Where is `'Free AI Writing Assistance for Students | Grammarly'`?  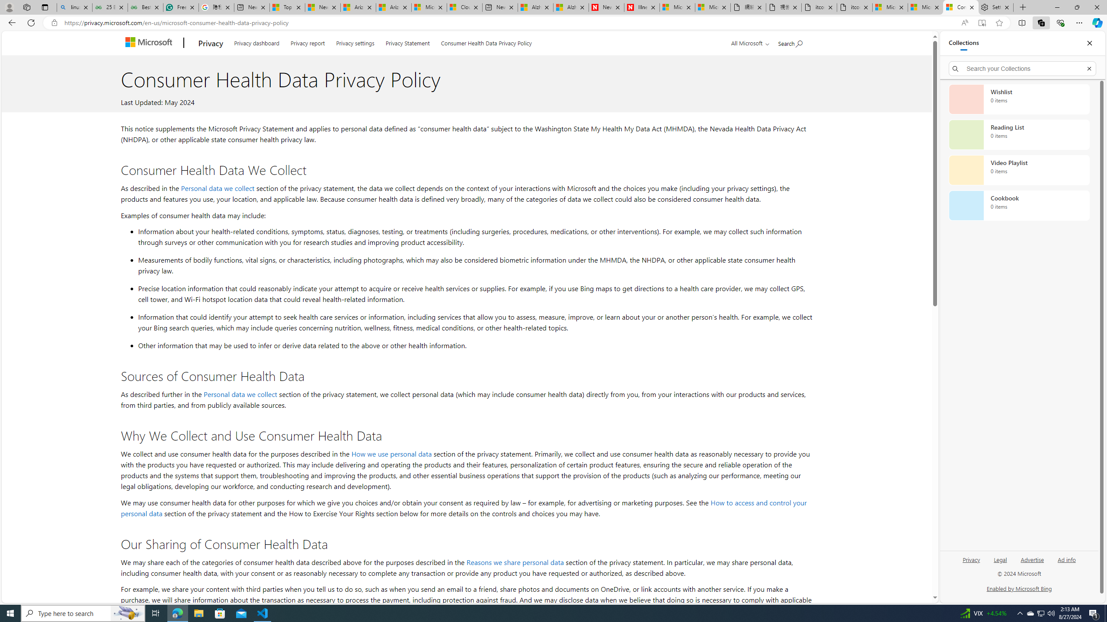 'Free AI Writing Assistance for Students | Grammarly' is located at coordinates (180, 7).